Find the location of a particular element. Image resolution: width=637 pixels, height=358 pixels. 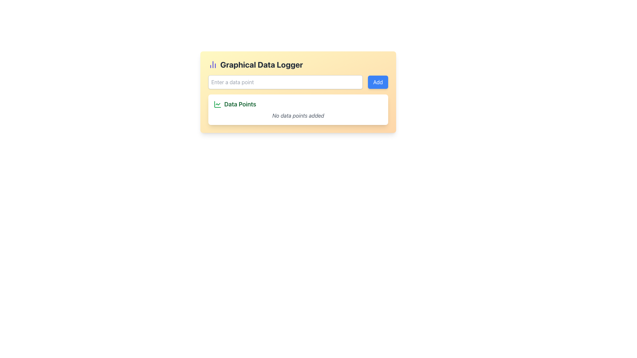

the Header Text displaying 'Graphical Data Logger', which is styled in bold dark gray and accompanied by an indigo icon representing a graph is located at coordinates (298, 65).